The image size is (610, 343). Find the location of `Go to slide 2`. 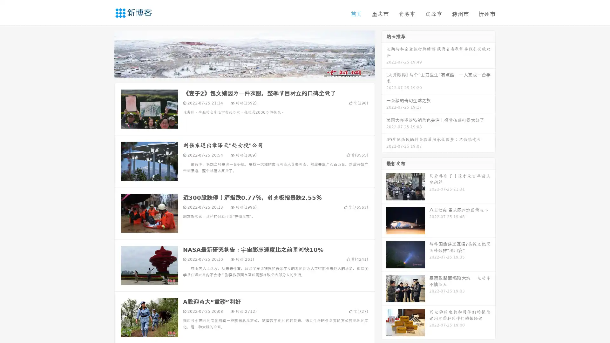

Go to slide 2 is located at coordinates (244, 71).